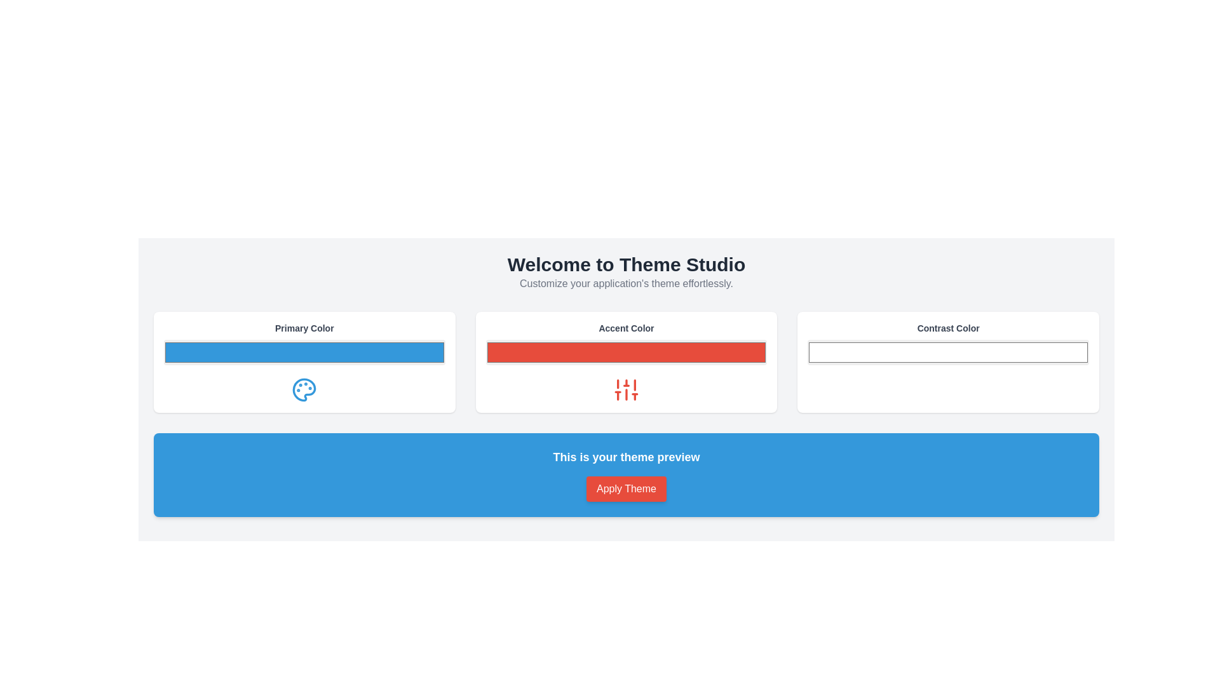 Image resolution: width=1220 pixels, height=686 pixels. I want to click on the interactive color picker located in the second panel from the left, below 'Welcome to Theme Studio', so click(626, 362).